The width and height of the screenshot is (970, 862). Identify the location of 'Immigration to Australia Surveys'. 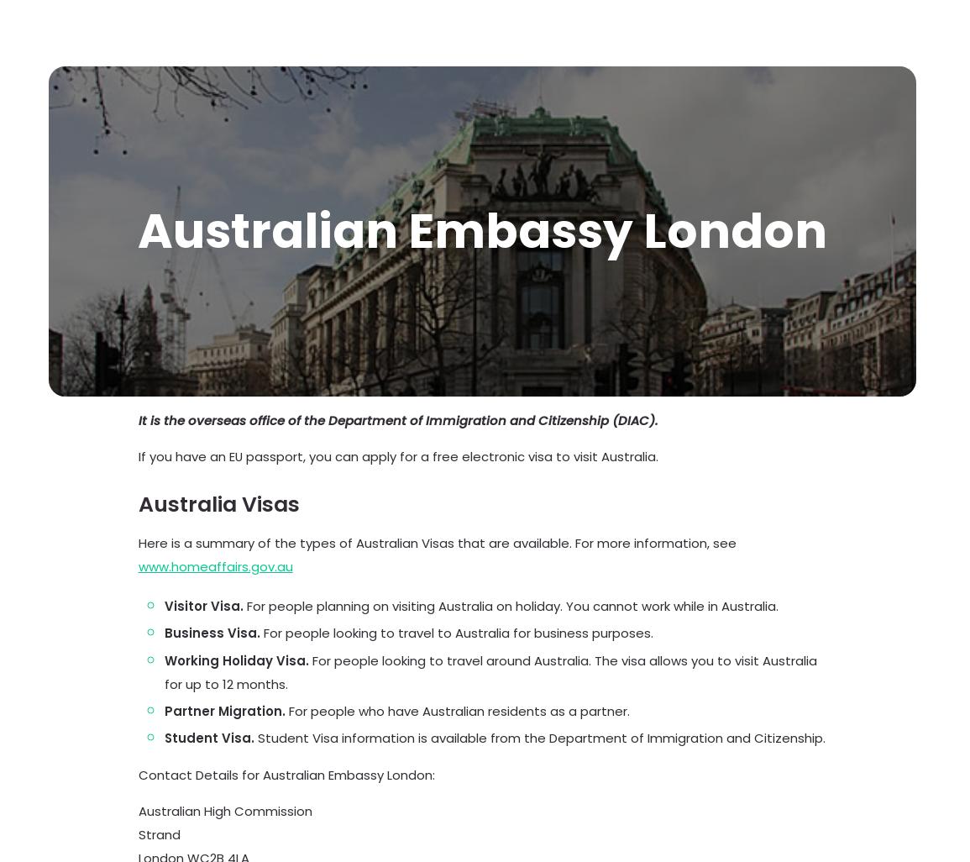
(216, 444).